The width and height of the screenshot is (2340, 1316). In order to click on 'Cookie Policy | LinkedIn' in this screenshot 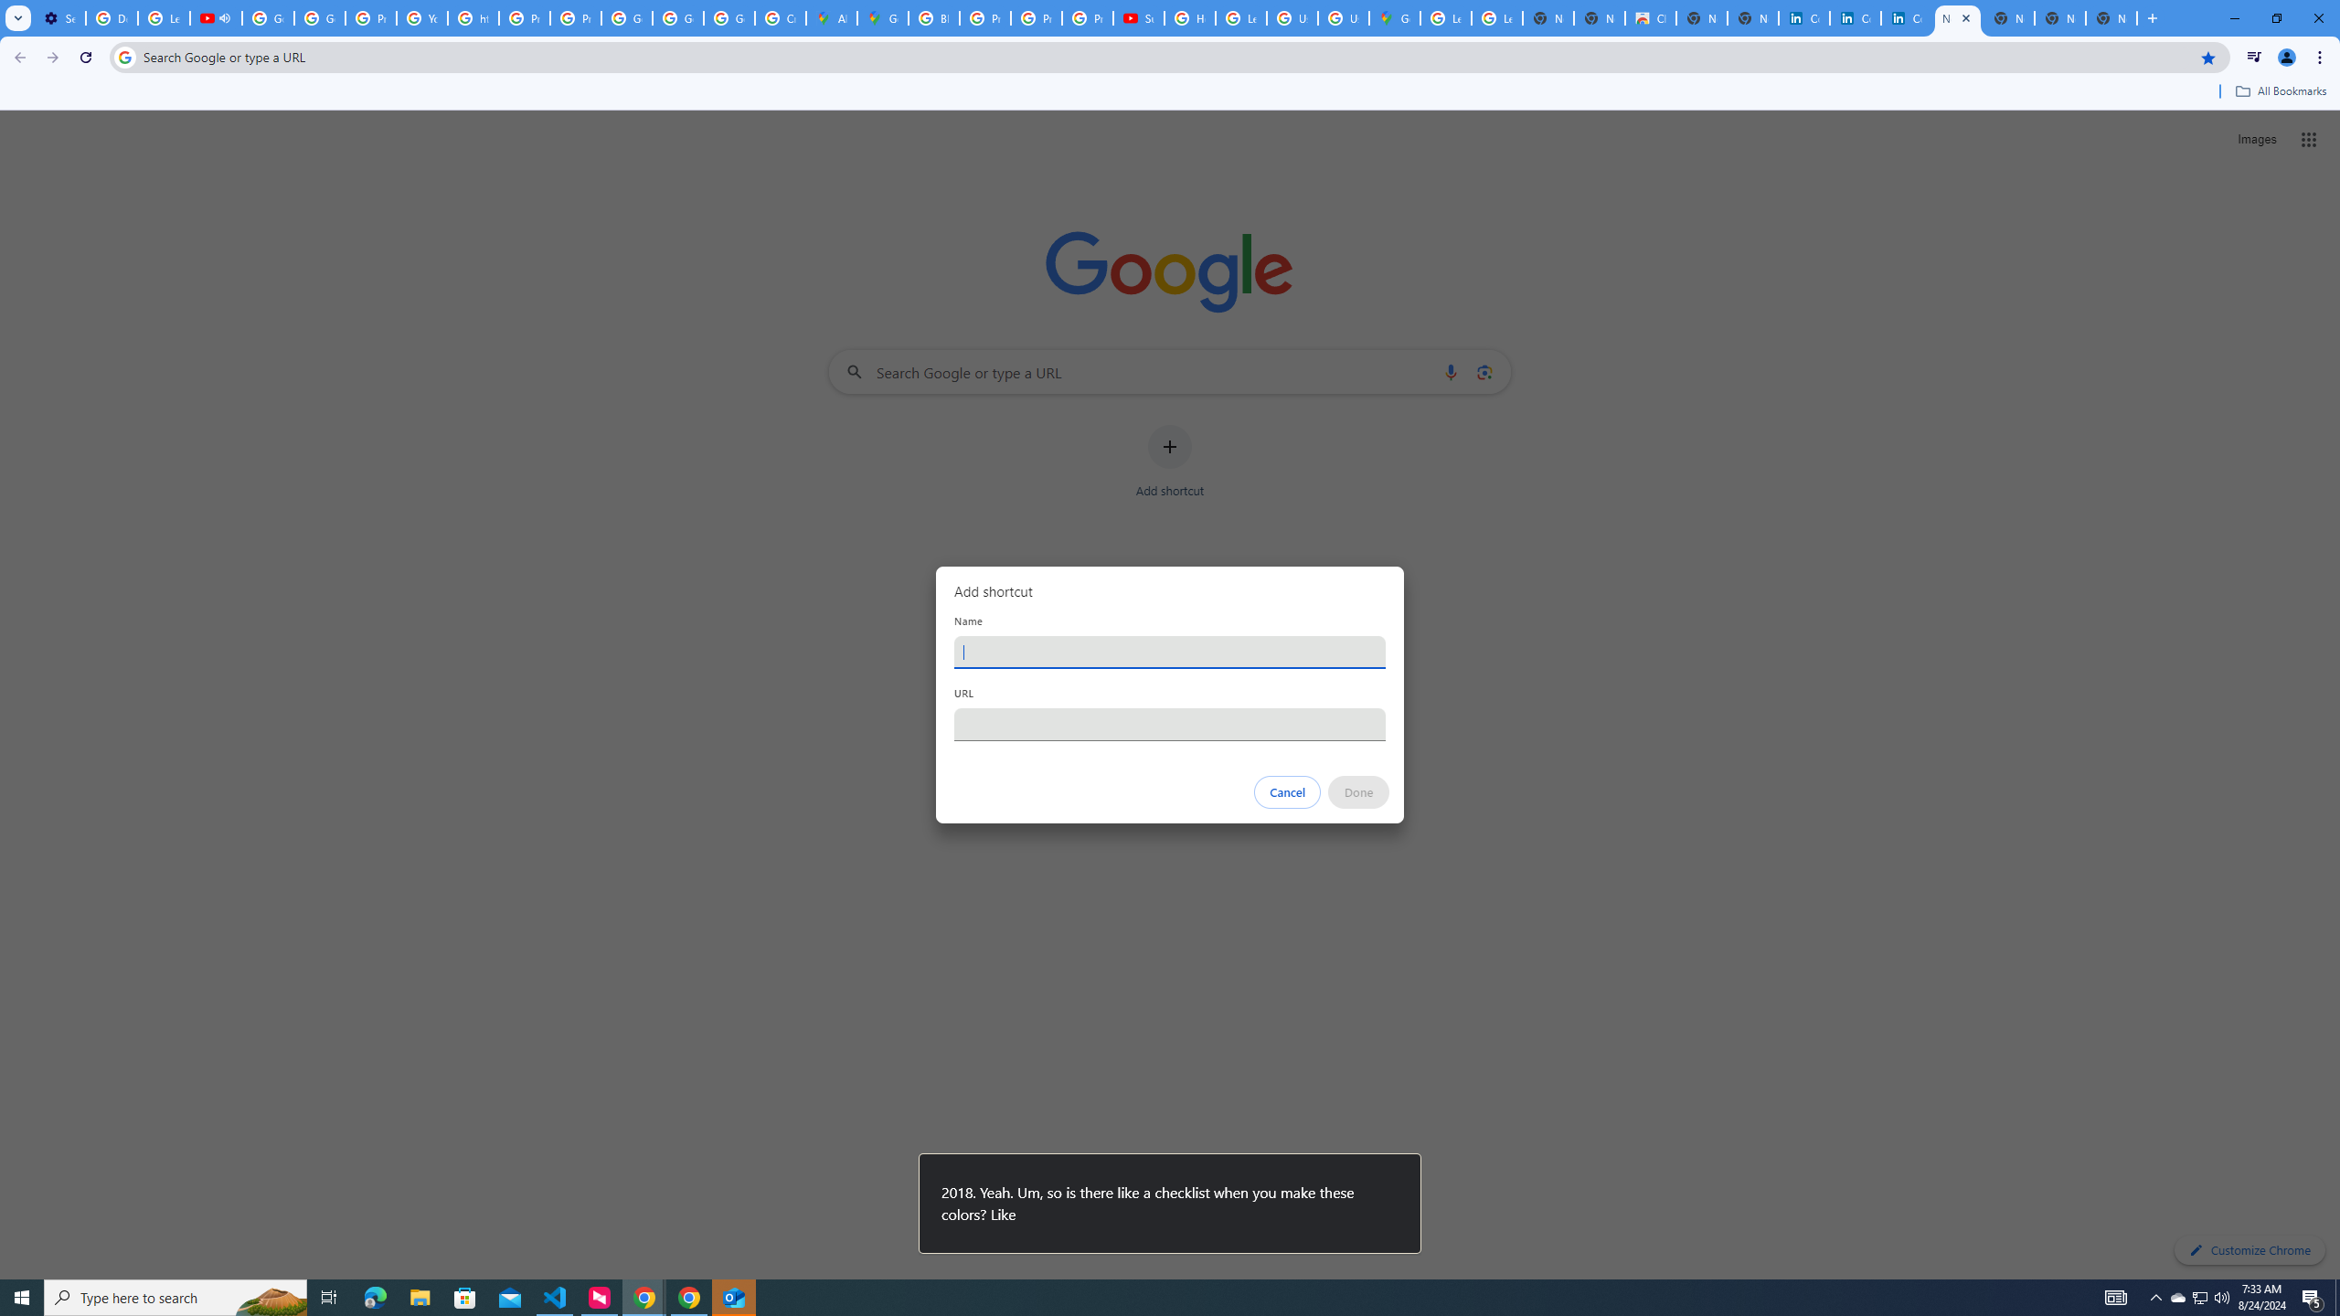, I will do `click(1804, 17)`.